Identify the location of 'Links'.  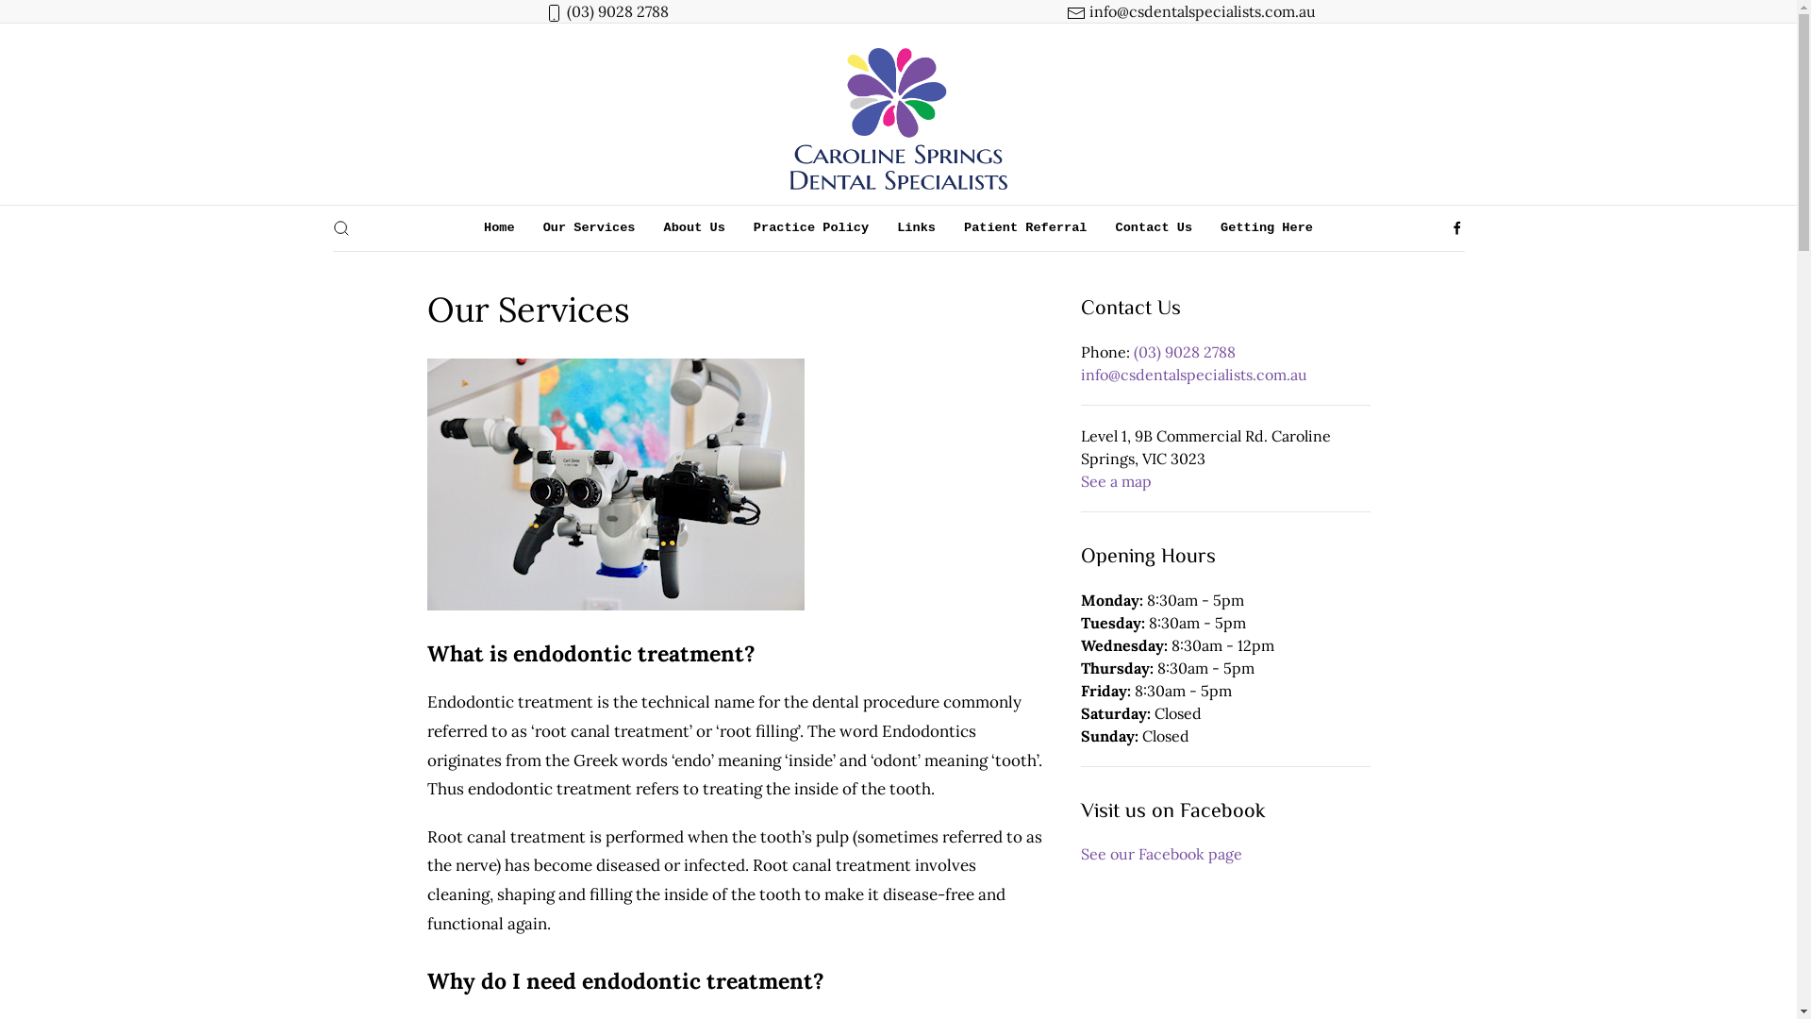
(916, 227).